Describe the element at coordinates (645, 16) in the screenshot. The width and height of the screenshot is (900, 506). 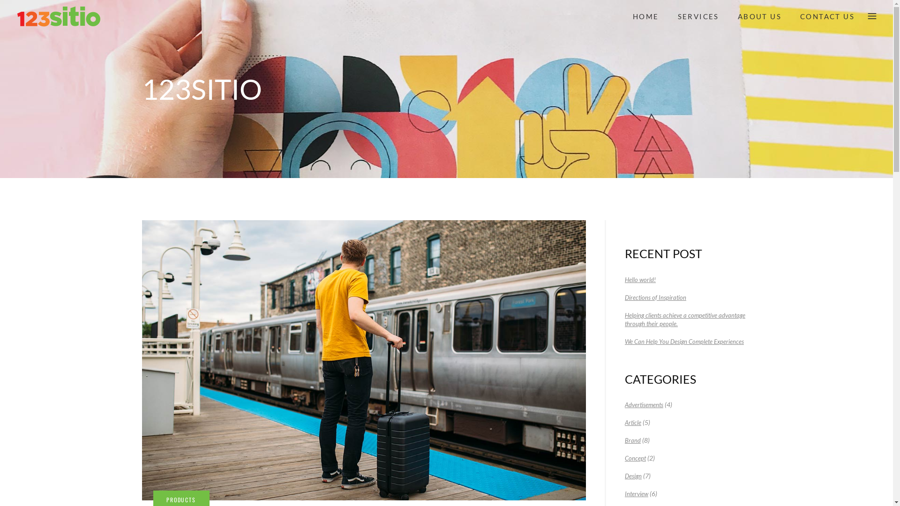
I see `'HOME'` at that location.